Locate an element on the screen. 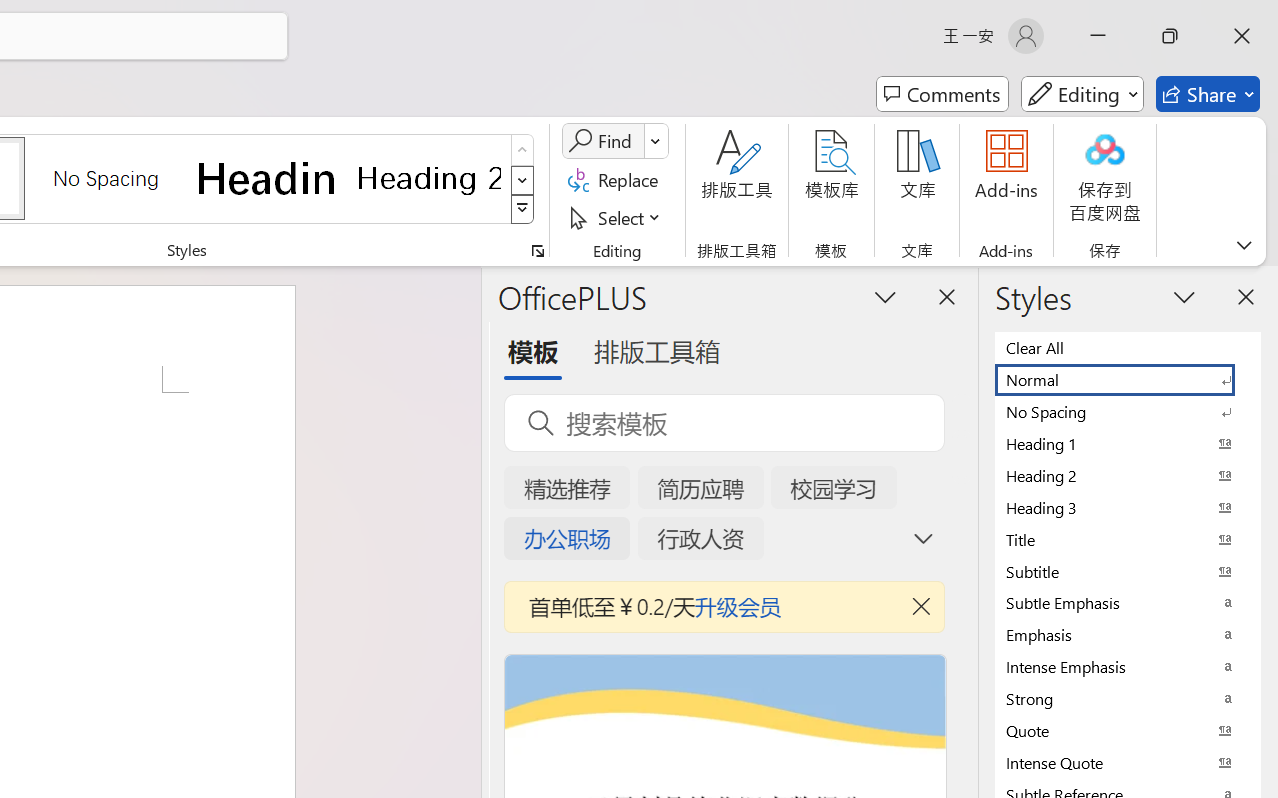  'Subtitle' is located at coordinates (1128, 570).